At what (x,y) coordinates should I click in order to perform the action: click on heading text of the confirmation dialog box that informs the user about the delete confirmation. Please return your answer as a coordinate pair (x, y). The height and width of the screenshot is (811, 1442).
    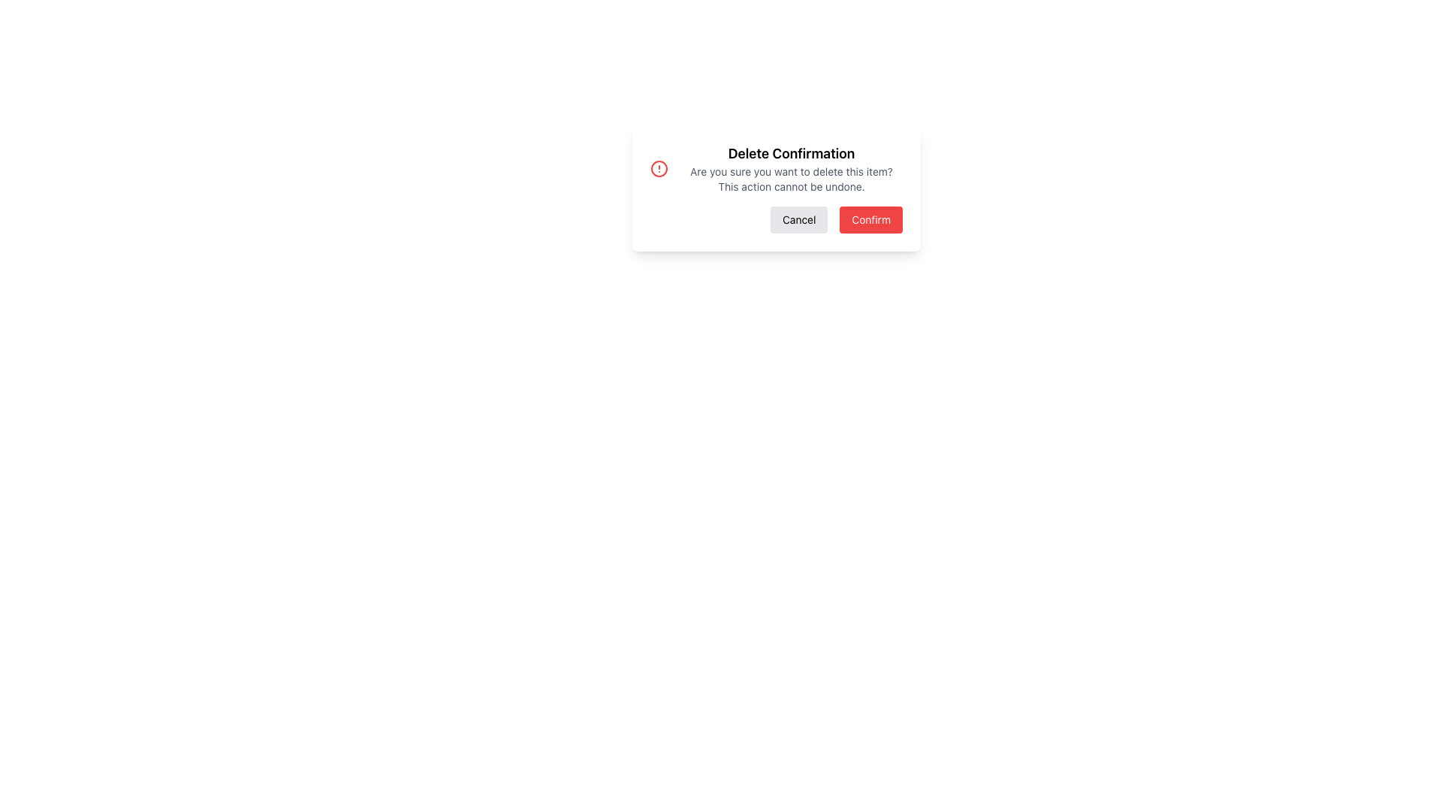
    Looking at the image, I should click on (791, 153).